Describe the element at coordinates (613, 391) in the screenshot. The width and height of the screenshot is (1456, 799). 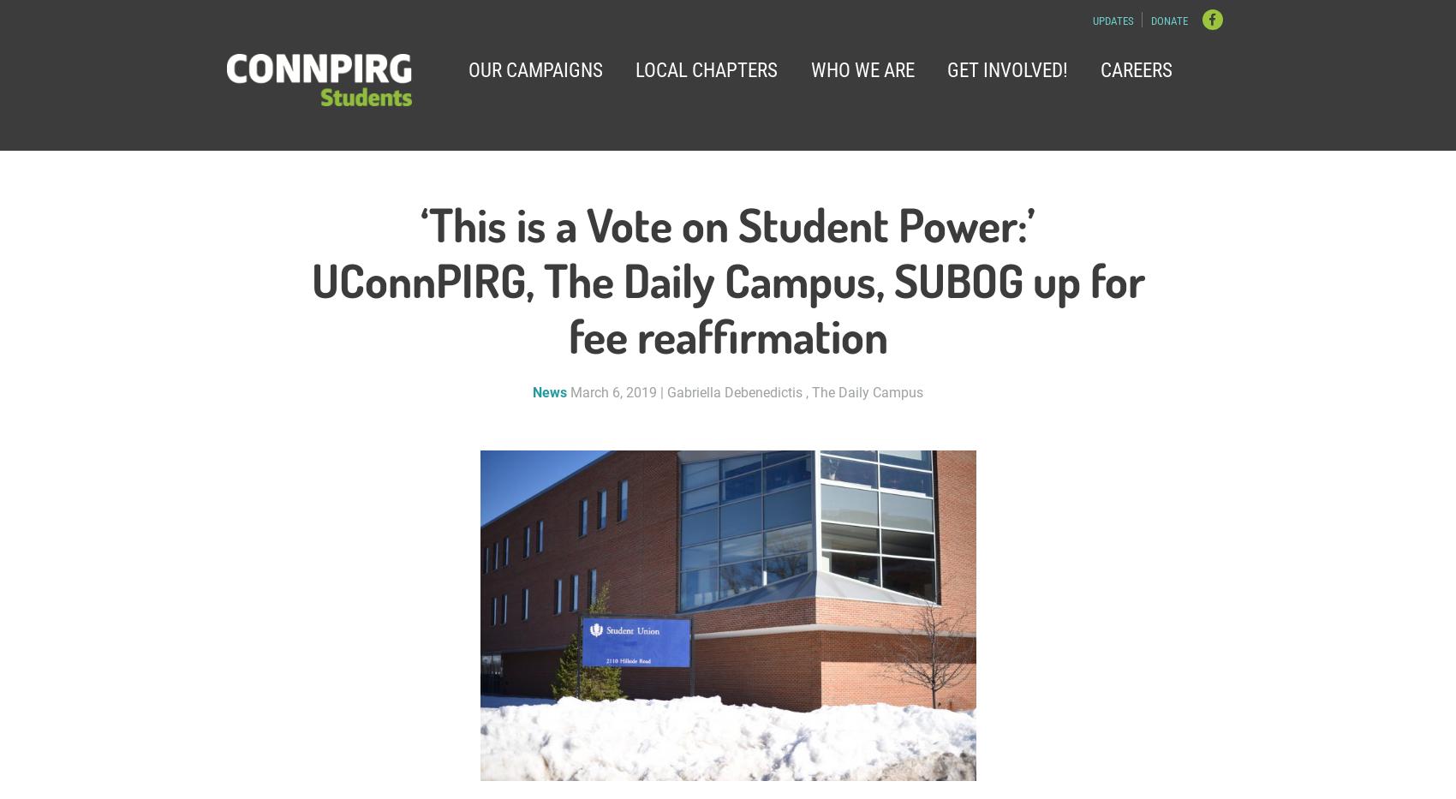
I see `'March 6, 2019'` at that location.